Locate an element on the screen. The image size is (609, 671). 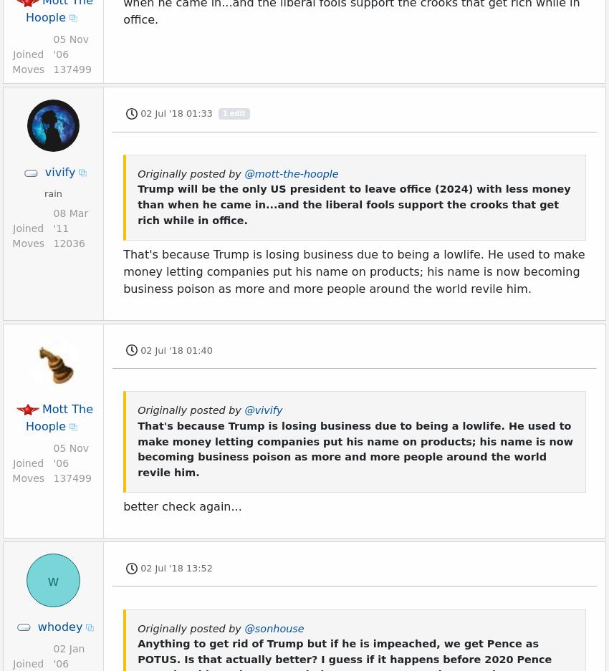
'Learn More' is located at coordinates (351, 31).